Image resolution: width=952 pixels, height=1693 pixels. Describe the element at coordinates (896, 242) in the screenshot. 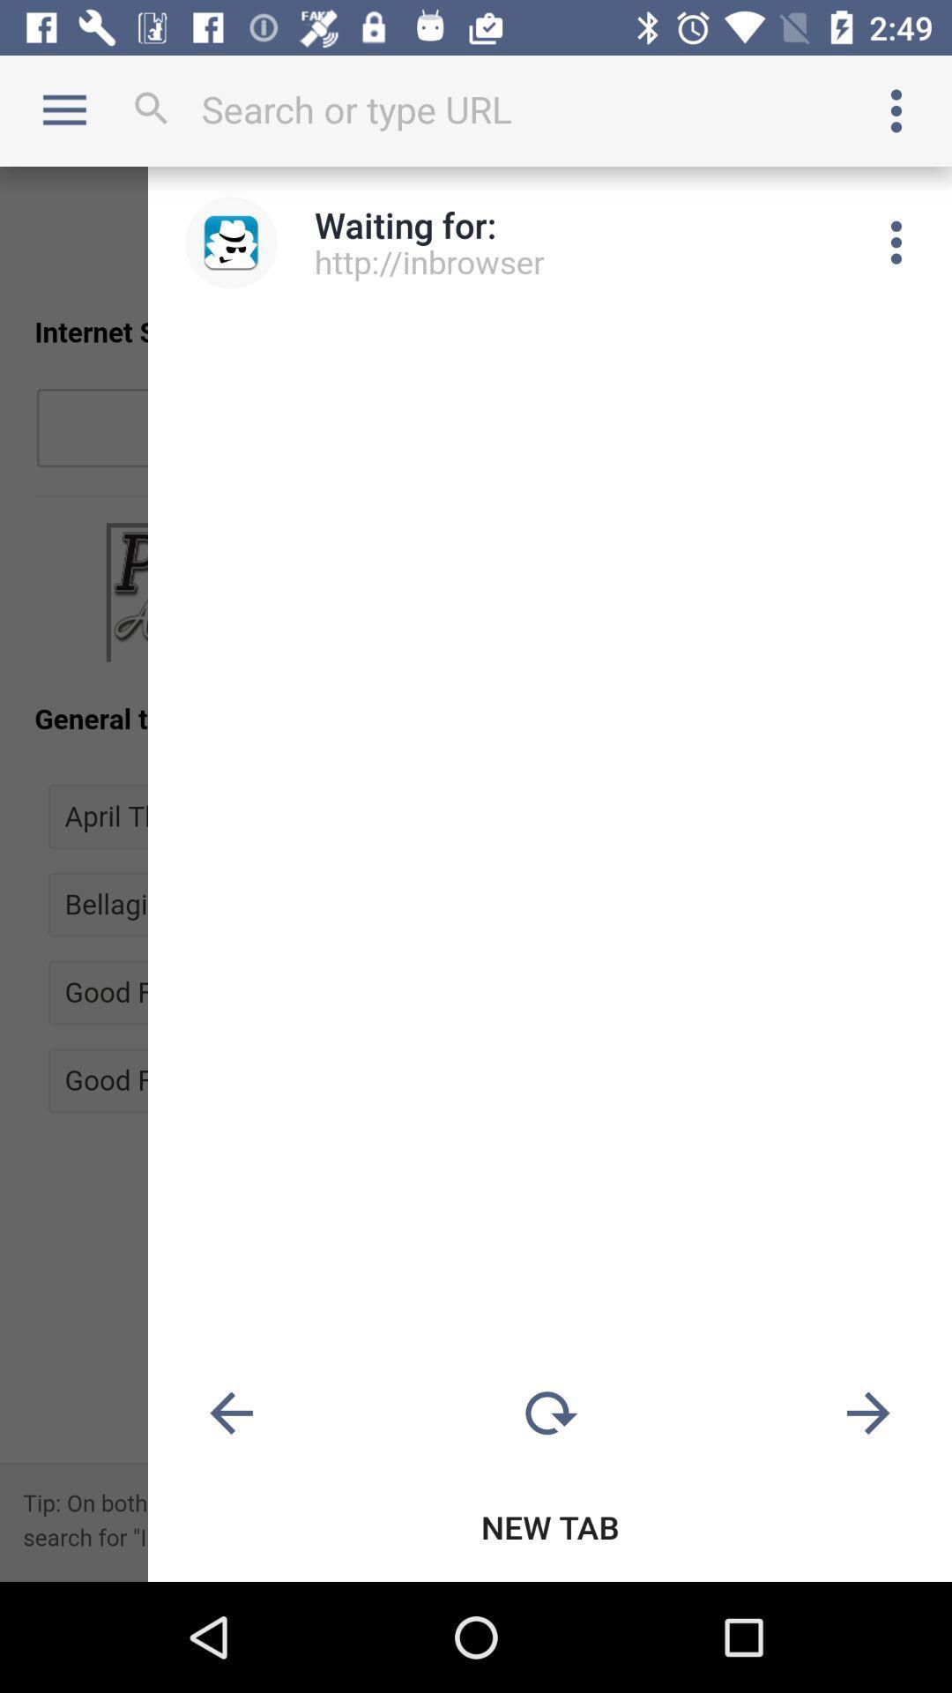

I see `open share settings` at that location.